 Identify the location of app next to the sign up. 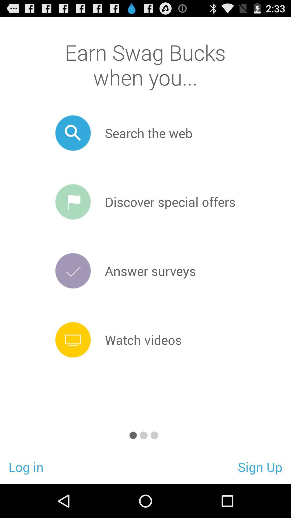
(26, 466).